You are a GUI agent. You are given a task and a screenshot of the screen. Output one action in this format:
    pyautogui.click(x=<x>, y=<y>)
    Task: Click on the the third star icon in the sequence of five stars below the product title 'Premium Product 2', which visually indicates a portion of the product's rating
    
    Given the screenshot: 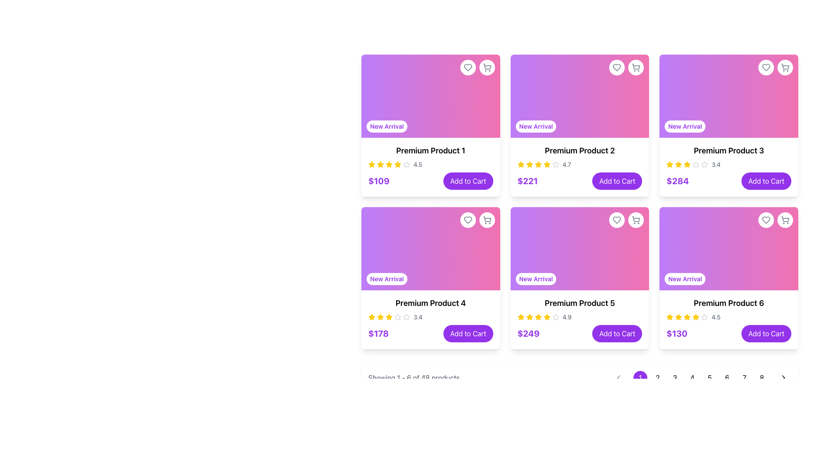 What is the action you would take?
    pyautogui.click(x=529, y=165)
    